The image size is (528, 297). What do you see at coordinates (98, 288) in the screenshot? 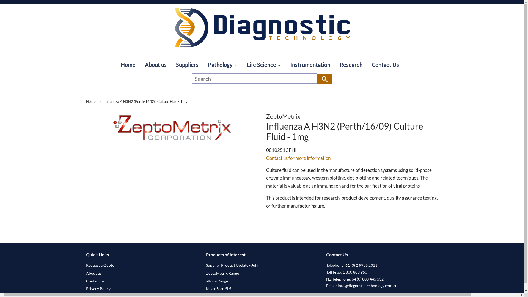
I see `'Privacy Policy'` at bounding box center [98, 288].